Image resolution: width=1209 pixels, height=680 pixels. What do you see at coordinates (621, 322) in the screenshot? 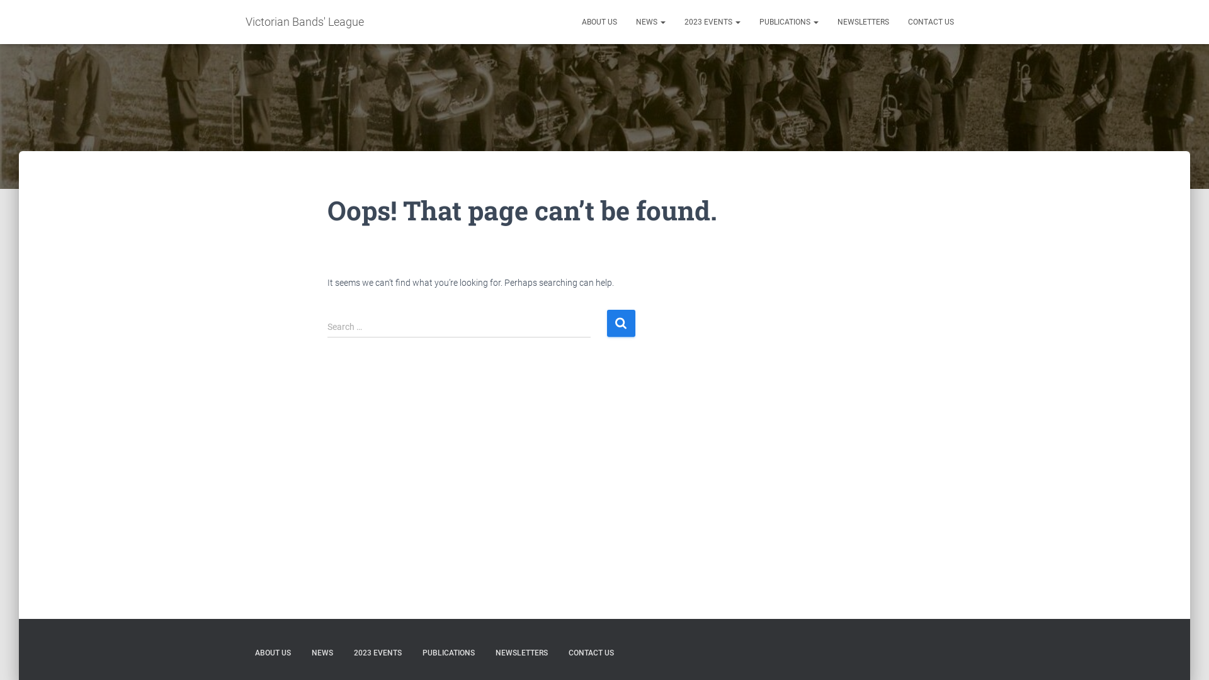
I see `'Search'` at bounding box center [621, 322].